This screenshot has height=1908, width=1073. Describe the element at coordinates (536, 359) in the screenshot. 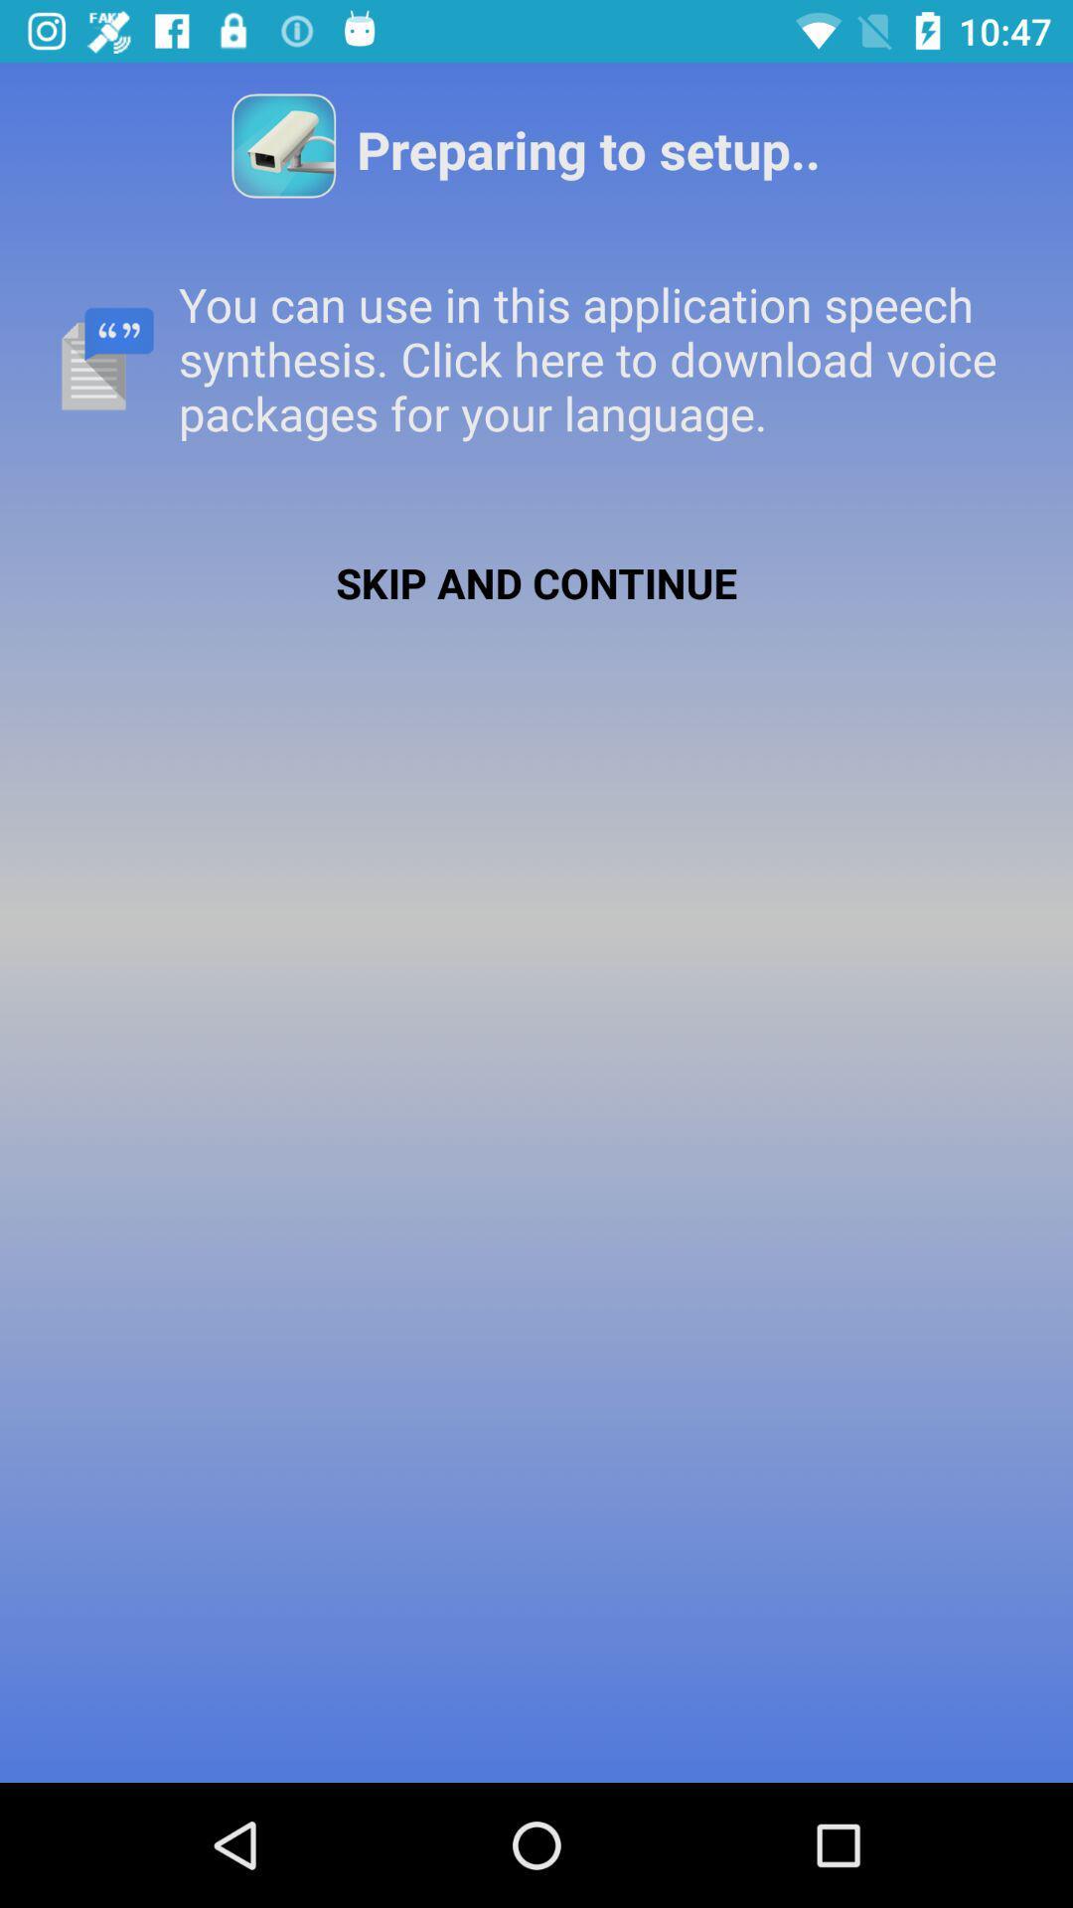

I see `the you can use app` at that location.